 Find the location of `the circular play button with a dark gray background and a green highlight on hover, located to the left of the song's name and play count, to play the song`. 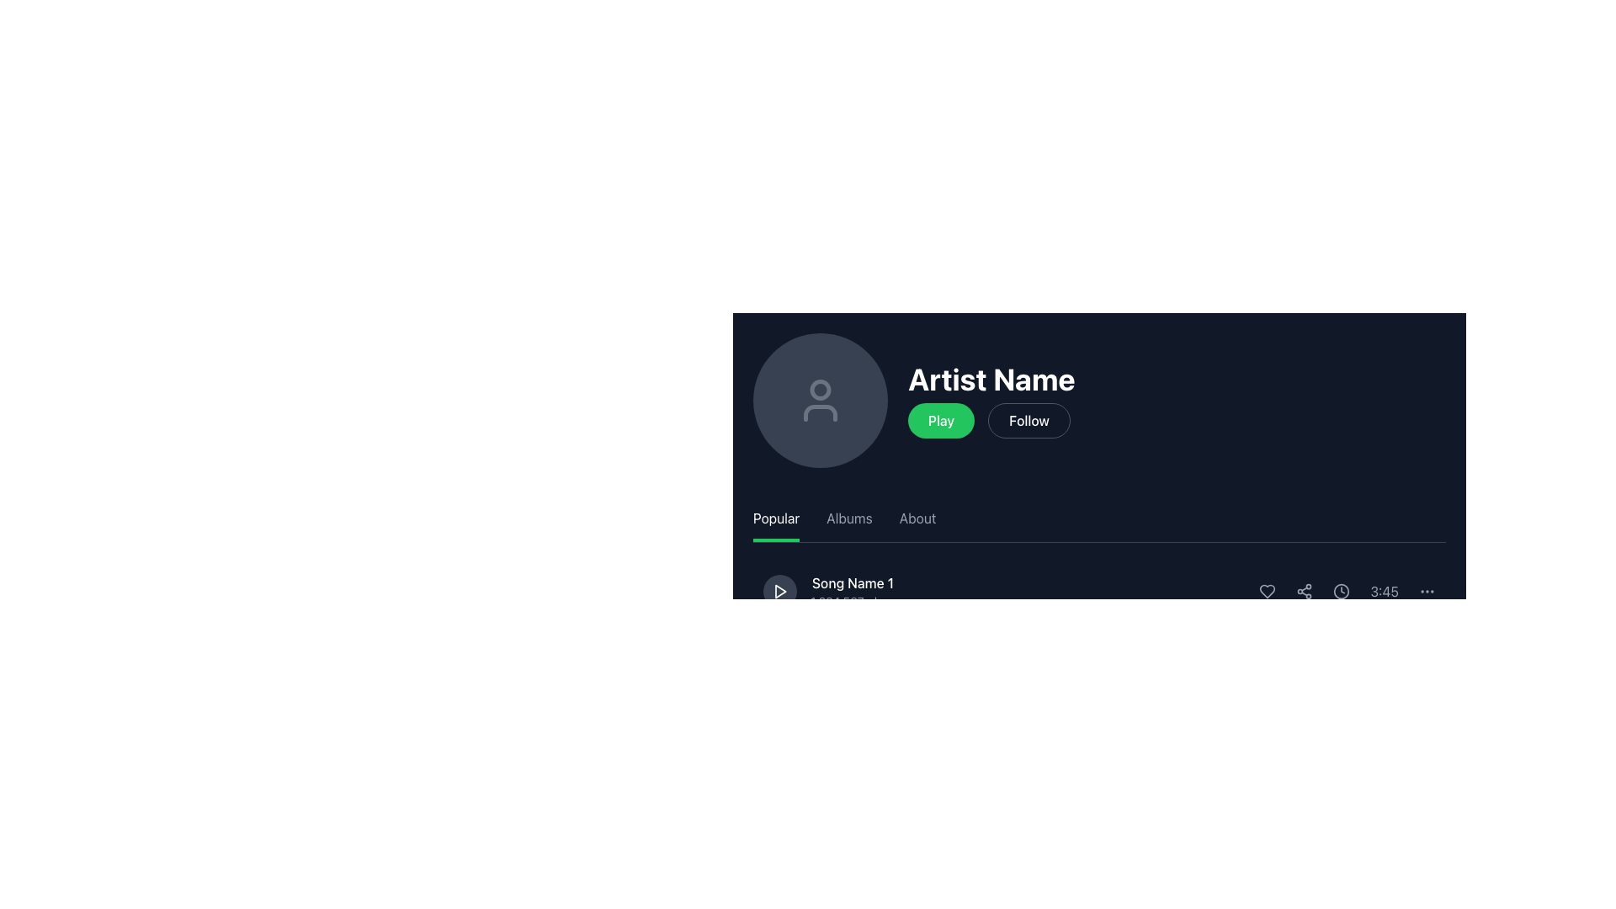

the circular play button with a dark gray background and a green highlight on hover, located to the left of the song's name and play count, to play the song is located at coordinates (779, 661).